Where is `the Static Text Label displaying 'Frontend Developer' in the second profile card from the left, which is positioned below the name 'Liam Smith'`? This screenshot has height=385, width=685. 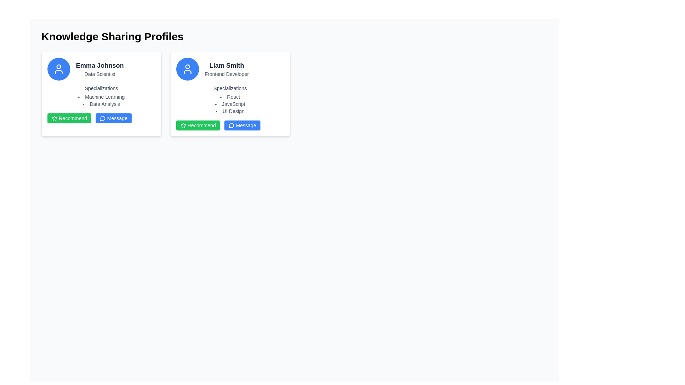
the Static Text Label displaying 'Frontend Developer' in the second profile card from the left, which is positioned below the name 'Liam Smith' is located at coordinates (226, 74).